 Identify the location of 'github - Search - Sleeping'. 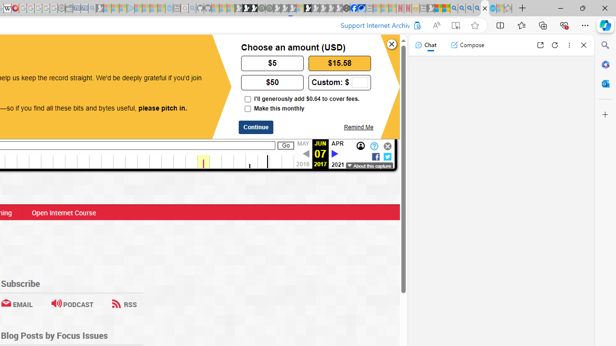
(192, 8).